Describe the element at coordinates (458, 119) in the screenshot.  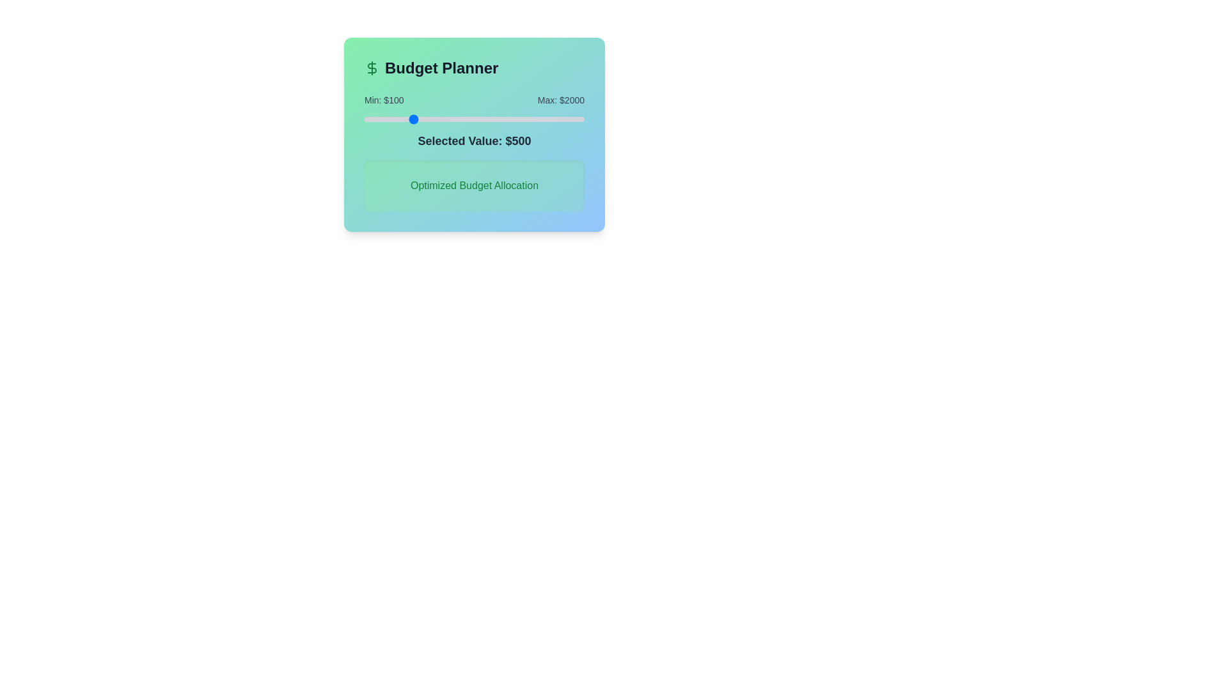
I see `the slider to the desired value 909` at that location.